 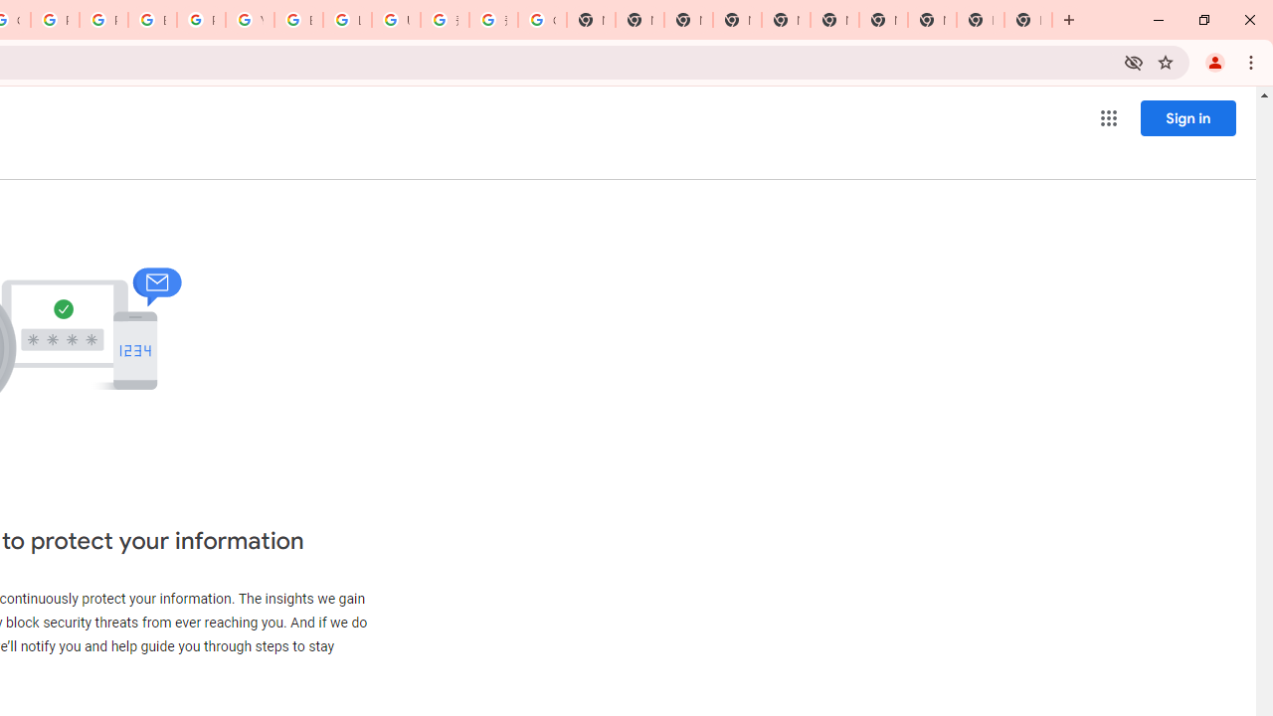 I want to click on 'YouTube', so click(x=249, y=20).